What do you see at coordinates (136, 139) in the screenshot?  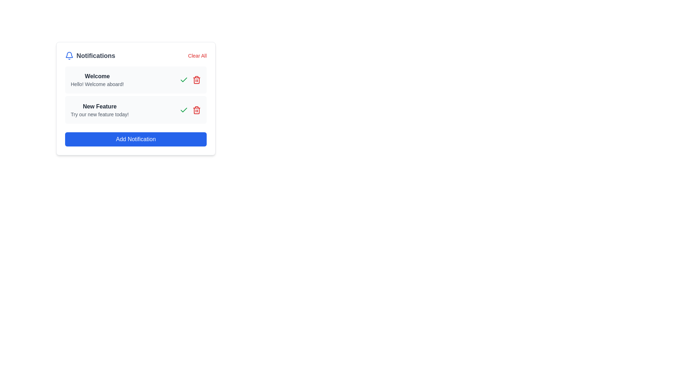 I see `the 'Add Notification' button located at the bottom of the notification panel` at bounding box center [136, 139].